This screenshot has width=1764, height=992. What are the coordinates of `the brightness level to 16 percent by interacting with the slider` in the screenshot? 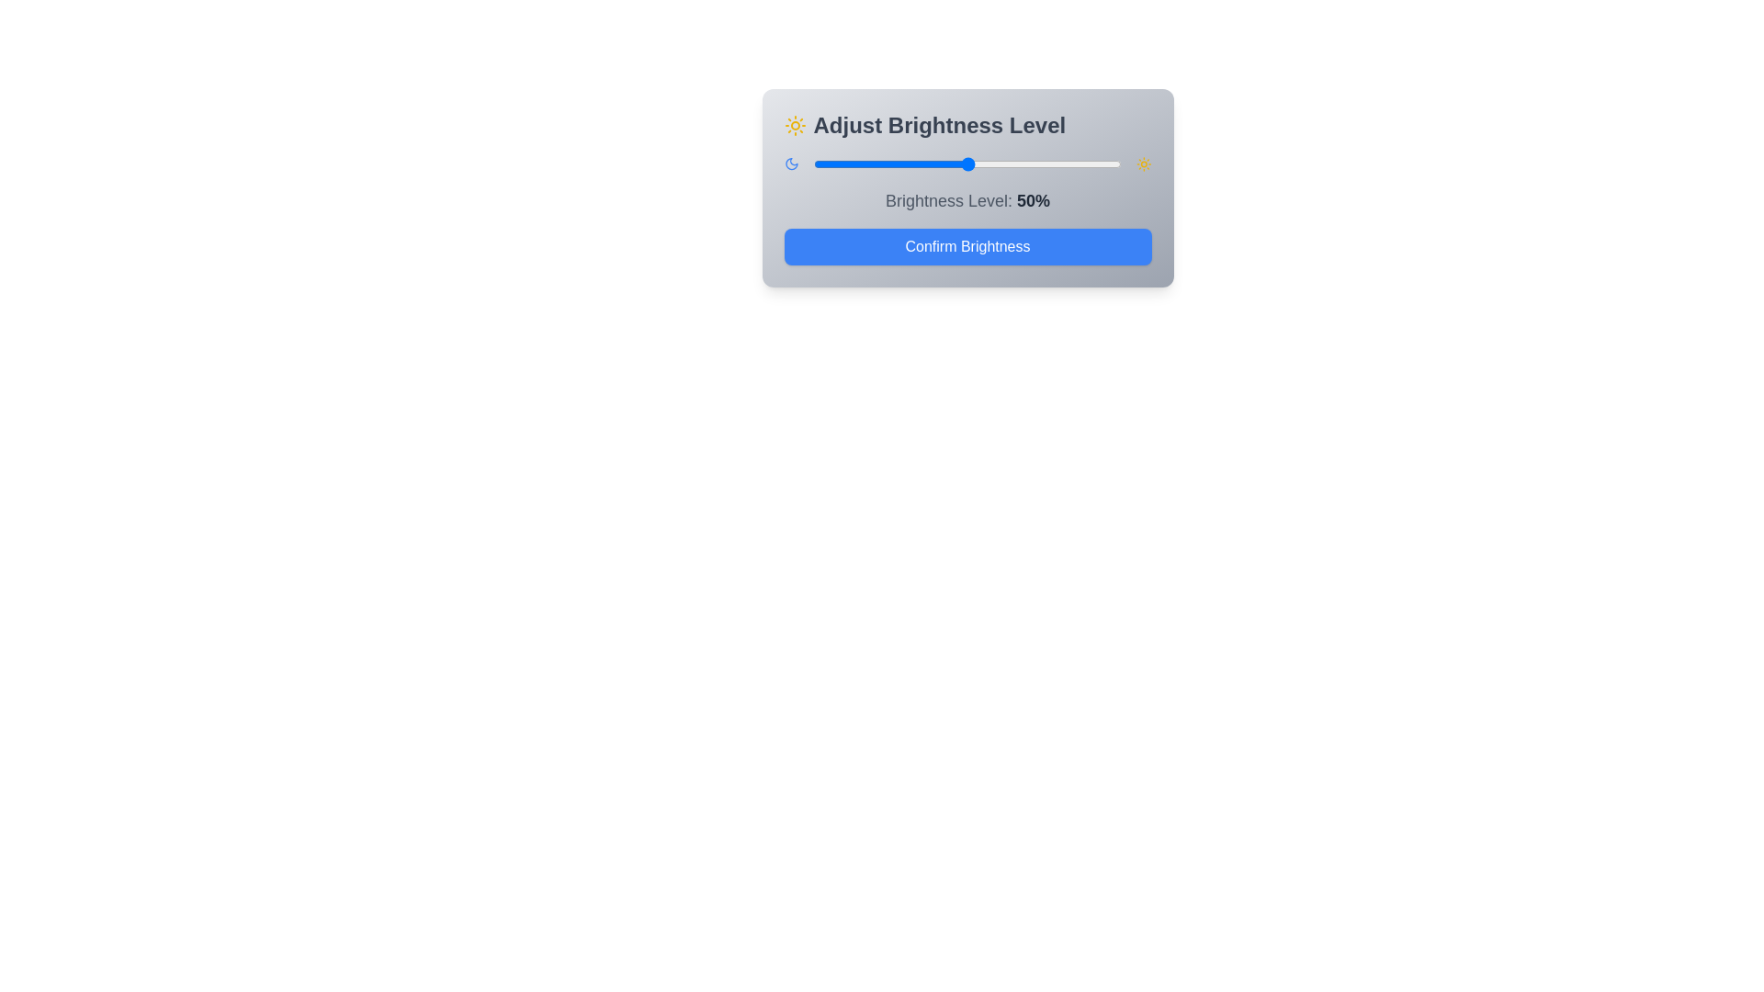 It's located at (862, 163).